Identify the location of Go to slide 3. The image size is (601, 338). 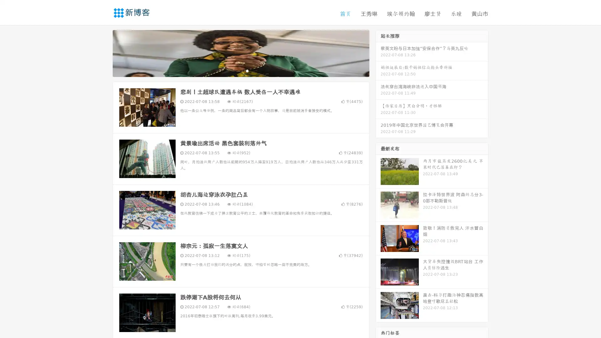
(247, 70).